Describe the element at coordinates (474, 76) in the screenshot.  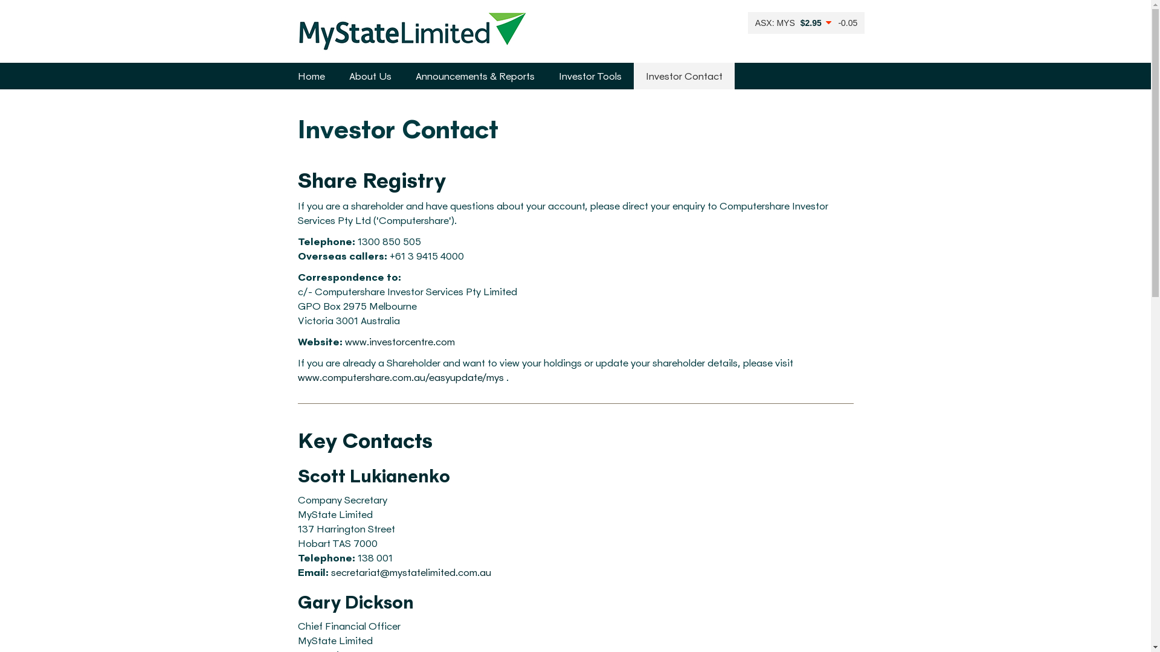
I see `'Announcements & Reports'` at that location.